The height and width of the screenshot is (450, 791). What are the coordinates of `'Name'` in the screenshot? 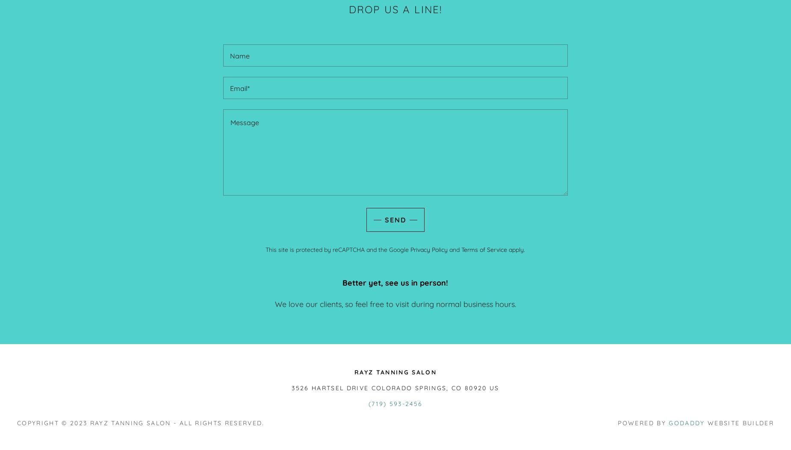 It's located at (239, 56).